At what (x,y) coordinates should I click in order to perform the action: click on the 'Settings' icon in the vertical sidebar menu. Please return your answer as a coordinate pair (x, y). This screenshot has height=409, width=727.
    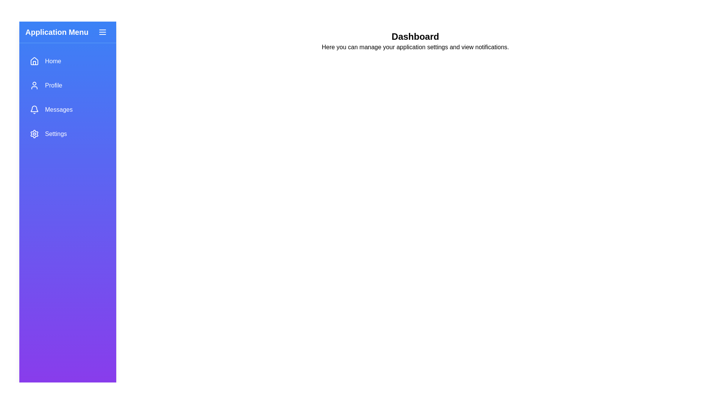
    Looking at the image, I should click on (34, 134).